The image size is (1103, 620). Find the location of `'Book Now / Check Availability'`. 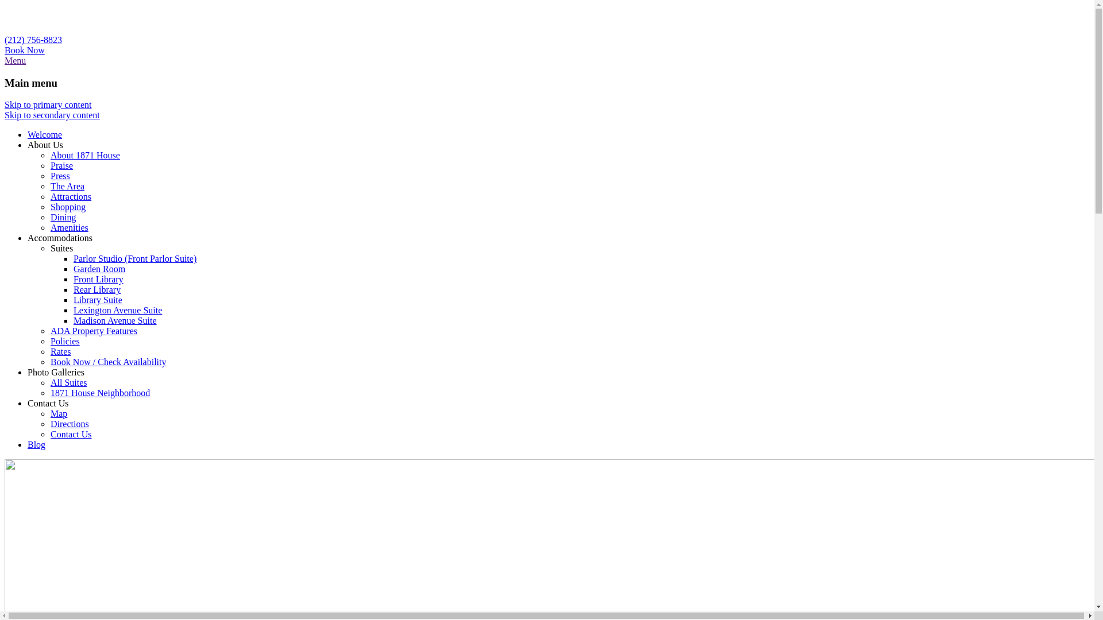

'Book Now / Check Availability' is located at coordinates (108, 362).